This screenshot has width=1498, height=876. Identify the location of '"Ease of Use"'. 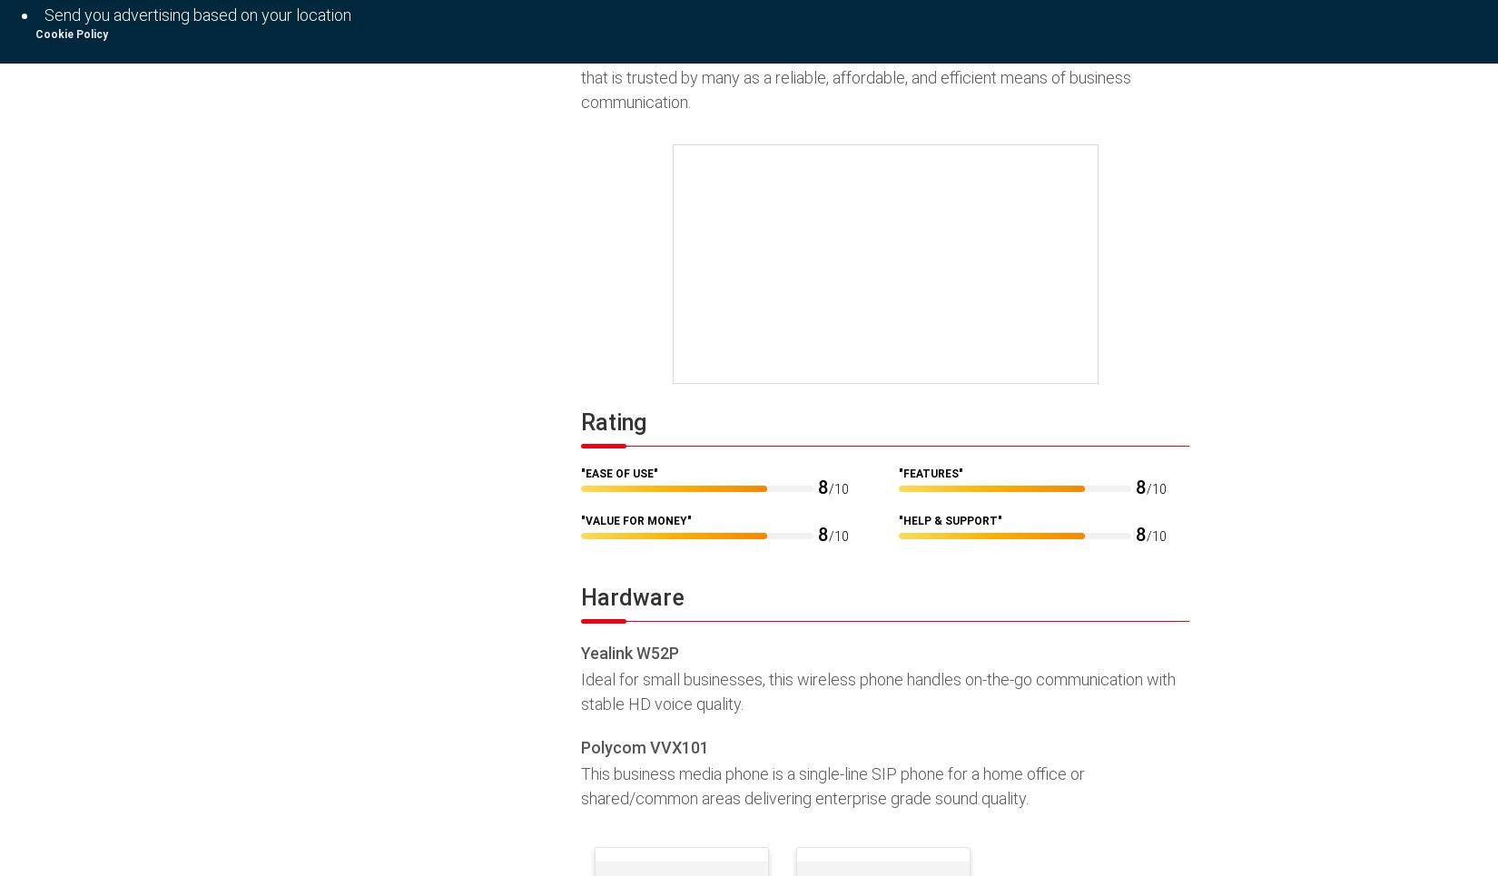
(580, 472).